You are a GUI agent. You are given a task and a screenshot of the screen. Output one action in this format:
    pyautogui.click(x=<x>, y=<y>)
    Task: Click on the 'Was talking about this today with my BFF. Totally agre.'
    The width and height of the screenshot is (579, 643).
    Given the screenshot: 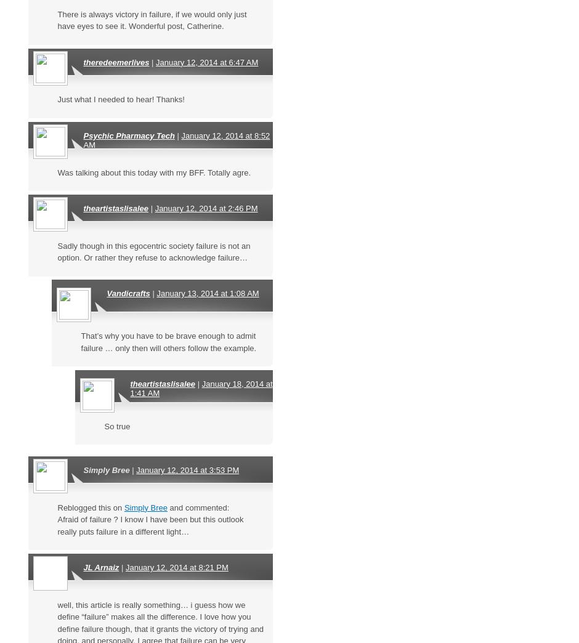 What is the action you would take?
    pyautogui.click(x=57, y=171)
    